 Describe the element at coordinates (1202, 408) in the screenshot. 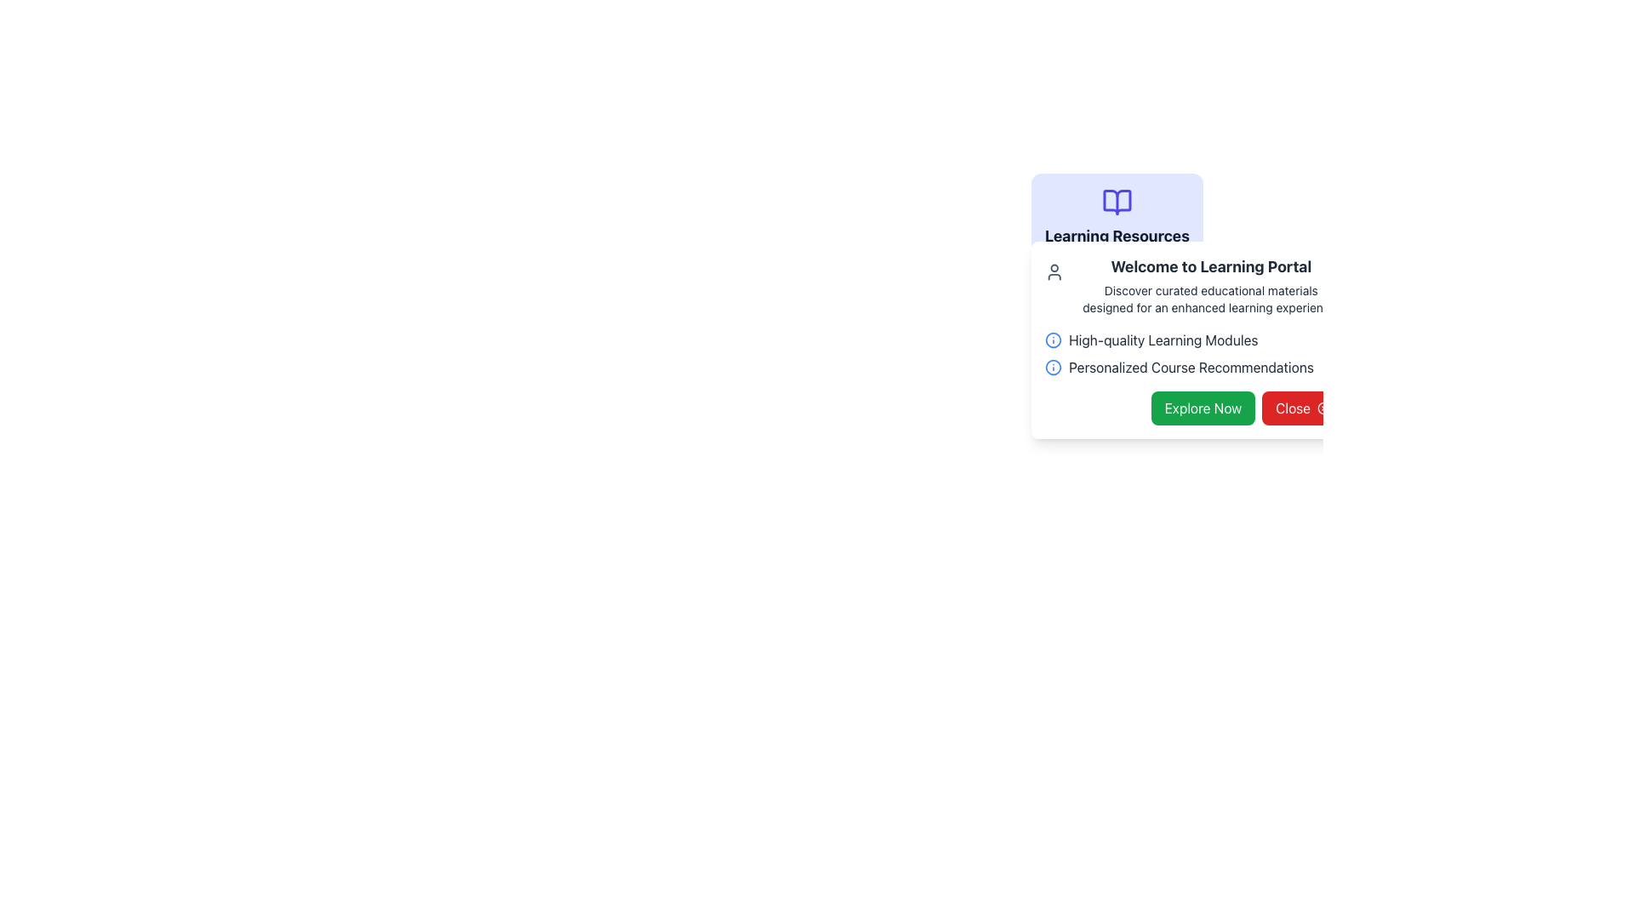

I see `the 'Explore Now' button` at that location.